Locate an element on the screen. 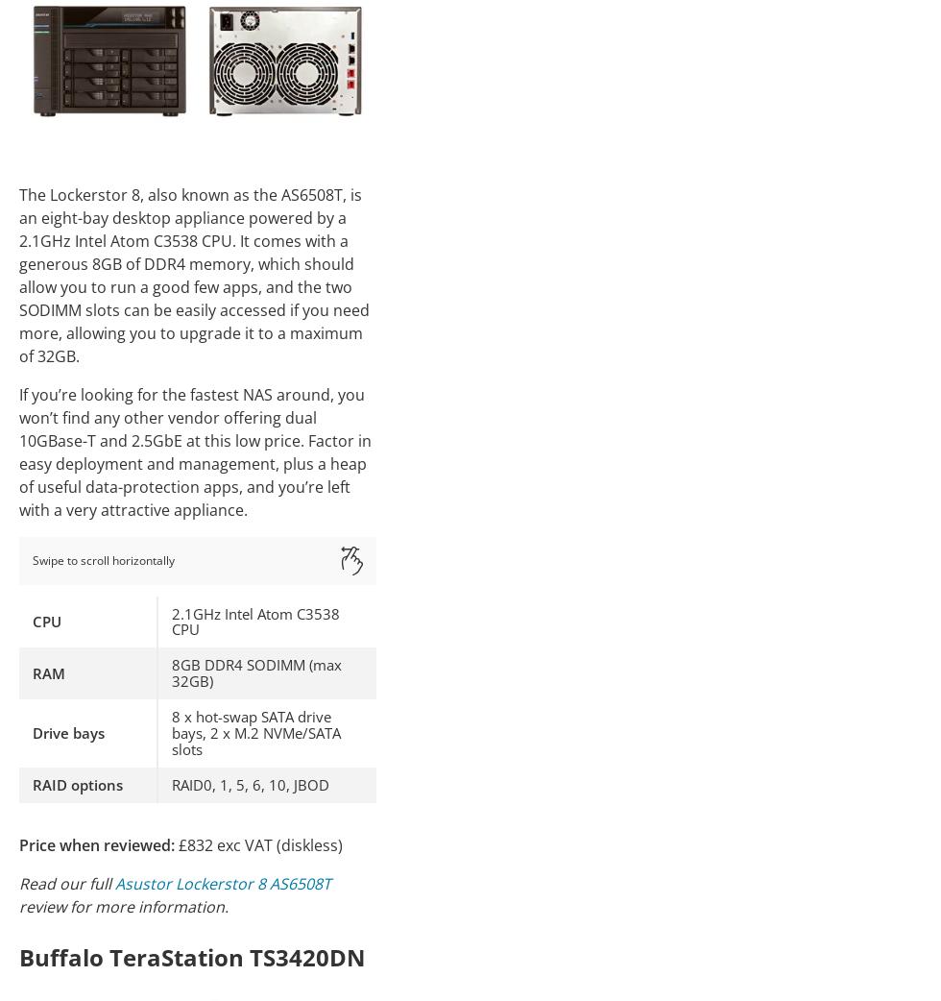 The image size is (941, 1001). 'RAID0, 1, 5, 6, 10, JBOD' is located at coordinates (250, 783).